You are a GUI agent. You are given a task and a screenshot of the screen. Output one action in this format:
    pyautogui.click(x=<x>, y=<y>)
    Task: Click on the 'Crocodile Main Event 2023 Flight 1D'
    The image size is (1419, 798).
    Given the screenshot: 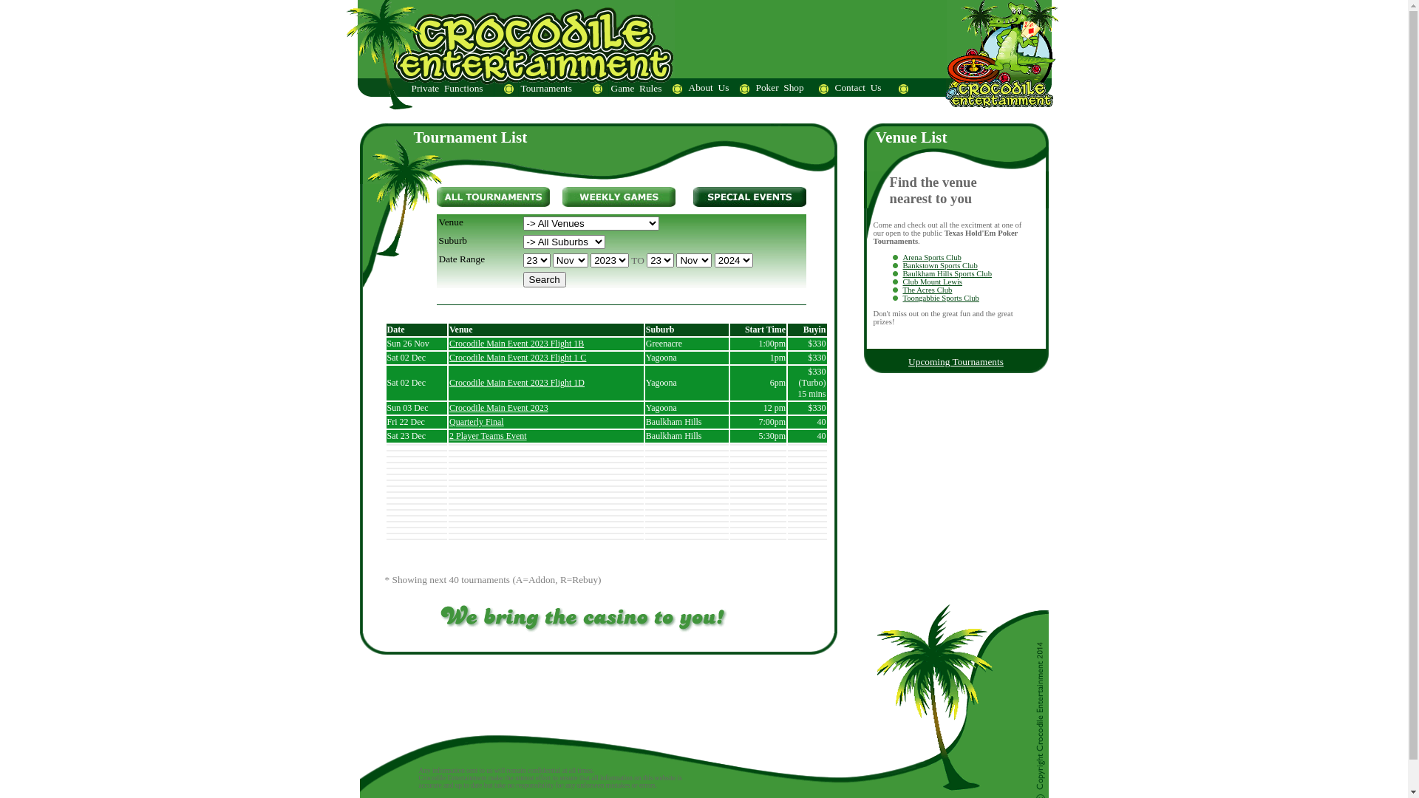 What is the action you would take?
    pyautogui.click(x=449, y=381)
    